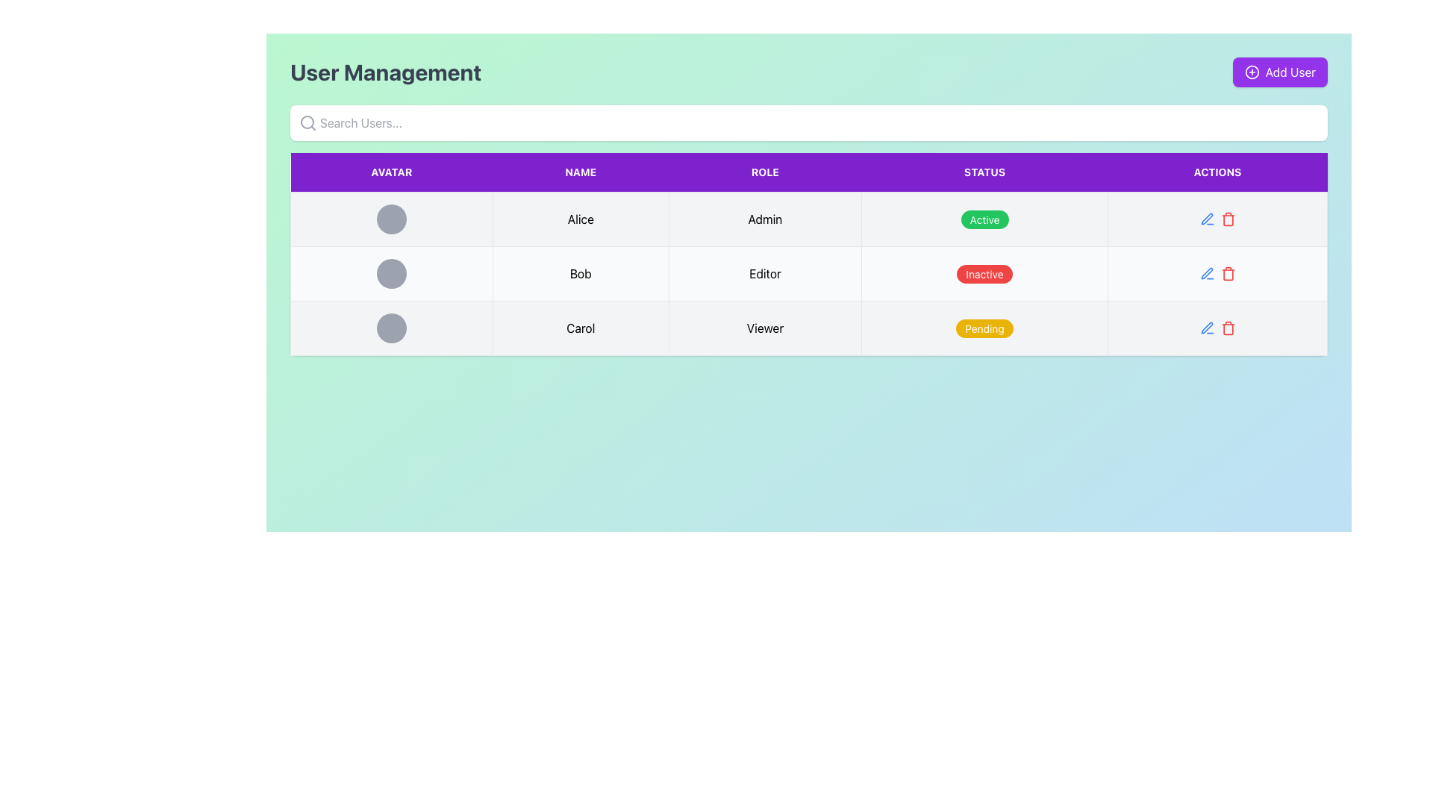 Image resolution: width=1433 pixels, height=806 pixels. What do you see at coordinates (1228, 273) in the screenshot?
I see `the delete icon button located in the 'Actions' column of the second row in the table` at bounding box center [1228, 273].